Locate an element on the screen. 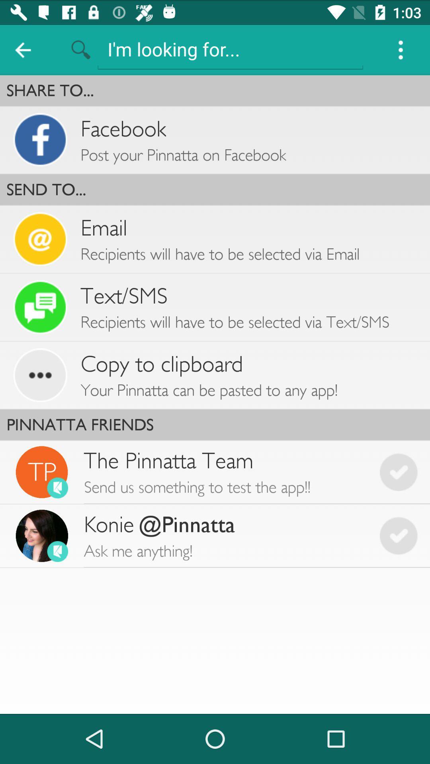  pinnatta friends item is located at coordinates (215, 424).